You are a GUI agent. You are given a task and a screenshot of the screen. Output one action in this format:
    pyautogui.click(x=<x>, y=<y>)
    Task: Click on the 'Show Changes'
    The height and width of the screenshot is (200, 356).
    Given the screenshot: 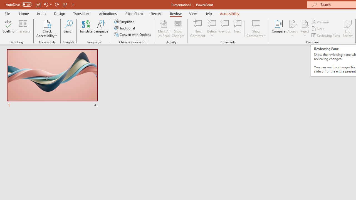 What is the action you would take?
    pyautogui.click(x=178, y=29)
    